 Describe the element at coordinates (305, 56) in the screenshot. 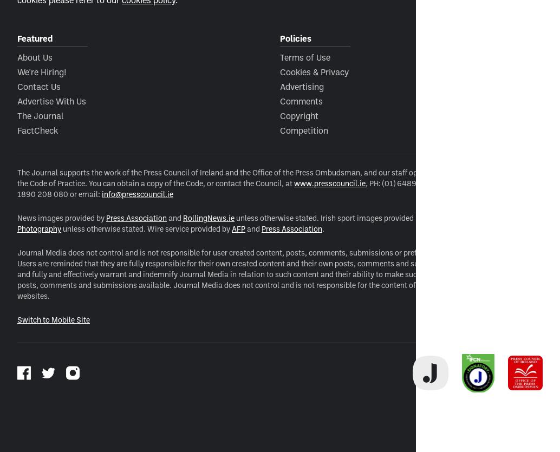

I see `'Terms of Use'` at that location.